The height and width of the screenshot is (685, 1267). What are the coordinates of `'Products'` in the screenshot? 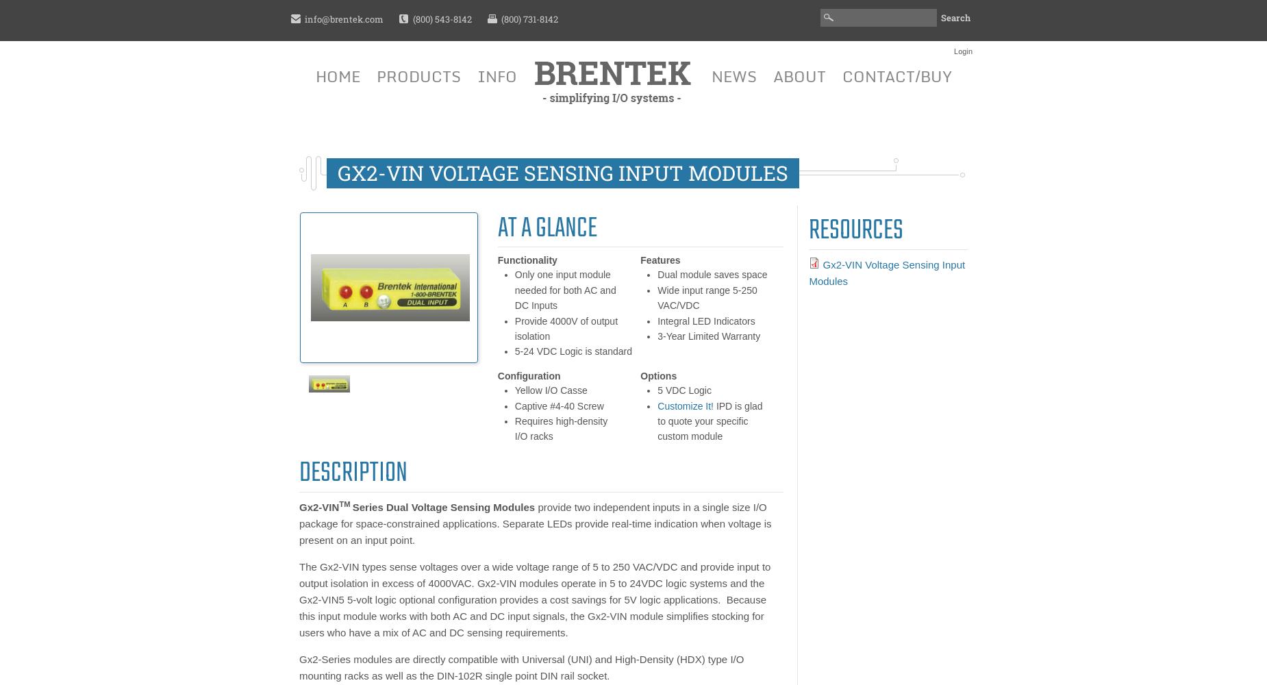 It's located at (418, 75).